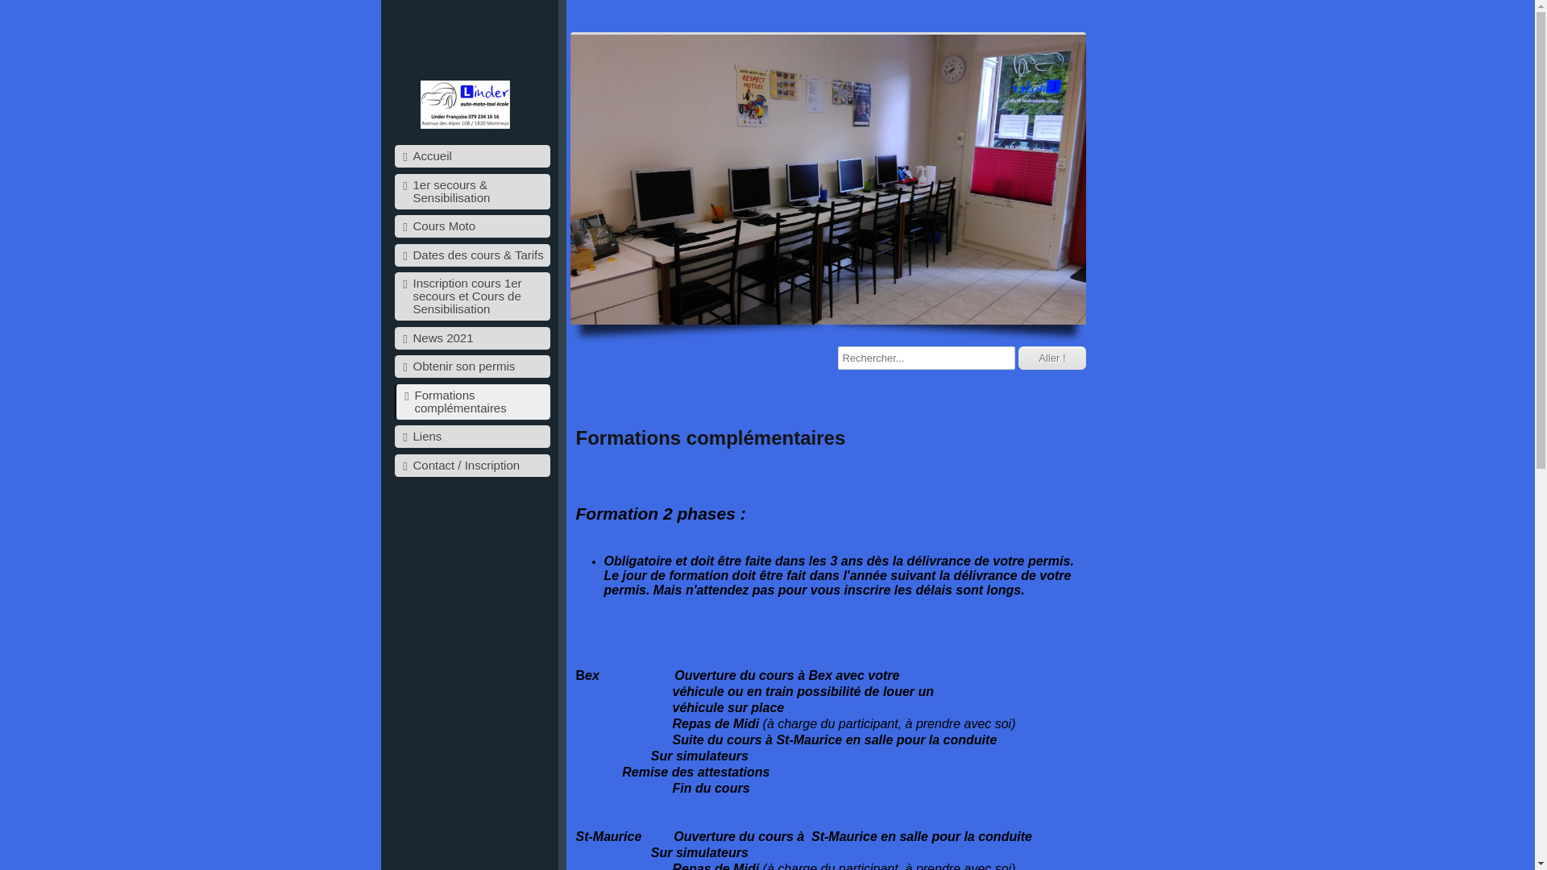 This screenshot has width=1547, height=870. What do you see at coordinates (394, 155) in the screenshot?
I see `'Accueil'` at bounding box center [394, 155].